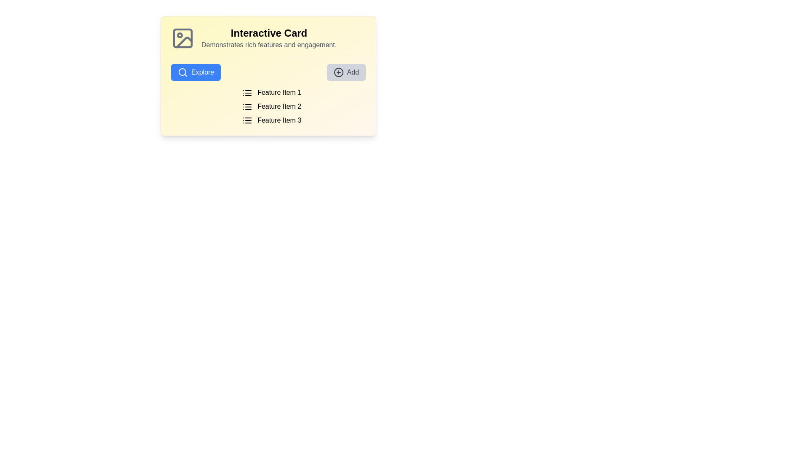 Image resolution: width=809 pixels, height=455 pixels. What do you see at coordinates (271, 120) in the screenshot?
I see `the text item labeled 'Feature Item 3' which is accompanied by a decorative list icon, positioned below 'Feature Item 2' in the Interactive Card list` at bounding box center [271, 120].